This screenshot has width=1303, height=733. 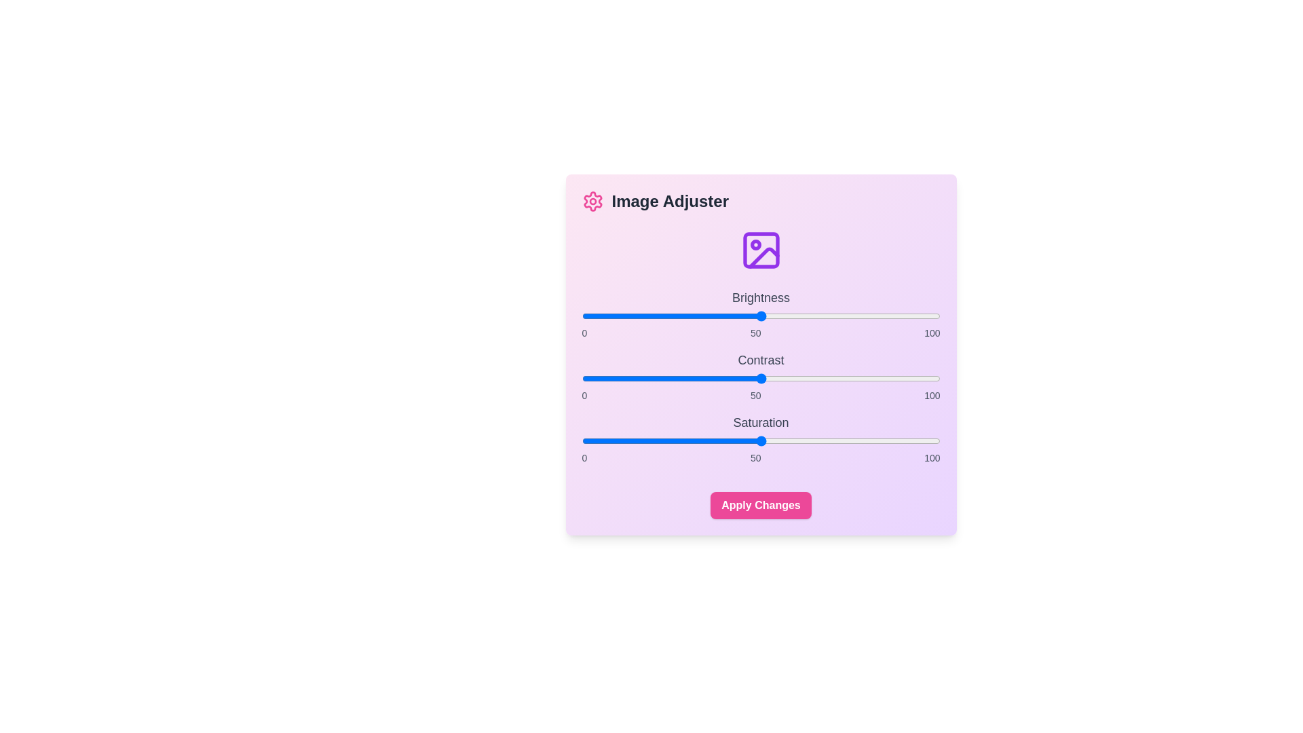 I want to click on the saturation slider to set the value to 21, so click(x=657, y=441).